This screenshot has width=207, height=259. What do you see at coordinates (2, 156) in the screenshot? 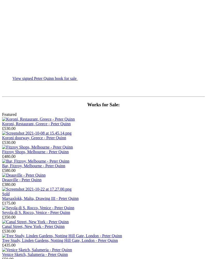
I see `'£480.00'` at bounding box center [2, 156].